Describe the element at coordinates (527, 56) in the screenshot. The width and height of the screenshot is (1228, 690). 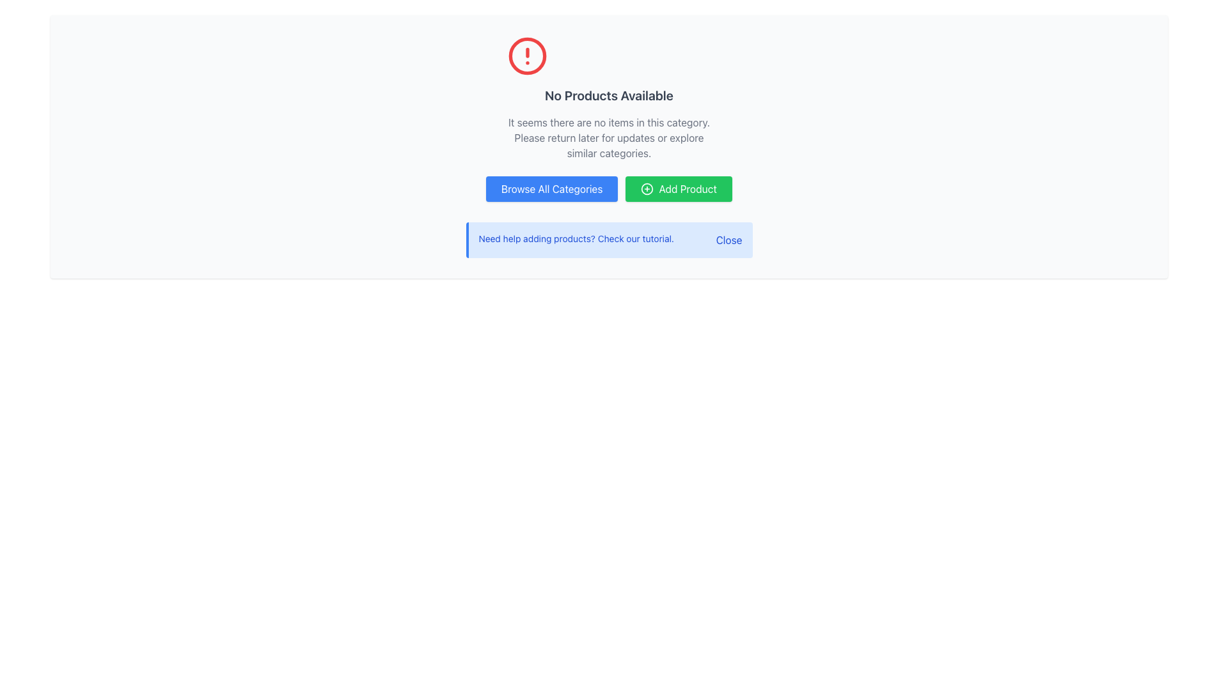
I see `the icon that serves as a visual indicator for unavailability, located above the 'No Products Available' message` at that location.